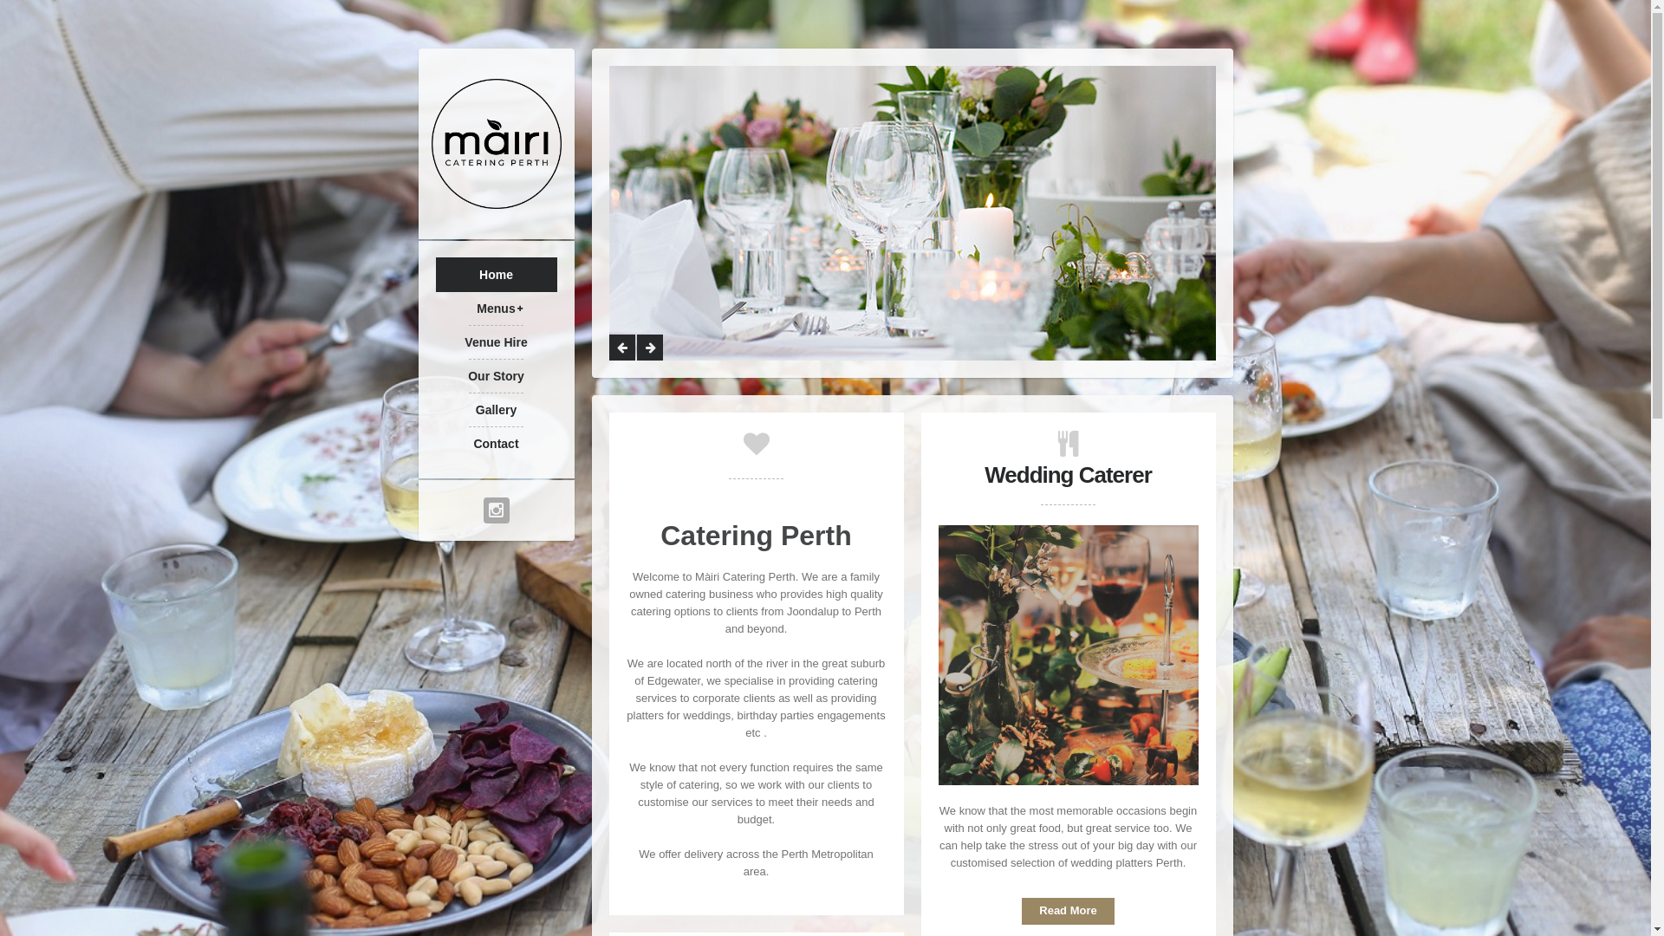 This screenshot has width=1664, height=936. I want to click on 'Menus', so click(494, 307).